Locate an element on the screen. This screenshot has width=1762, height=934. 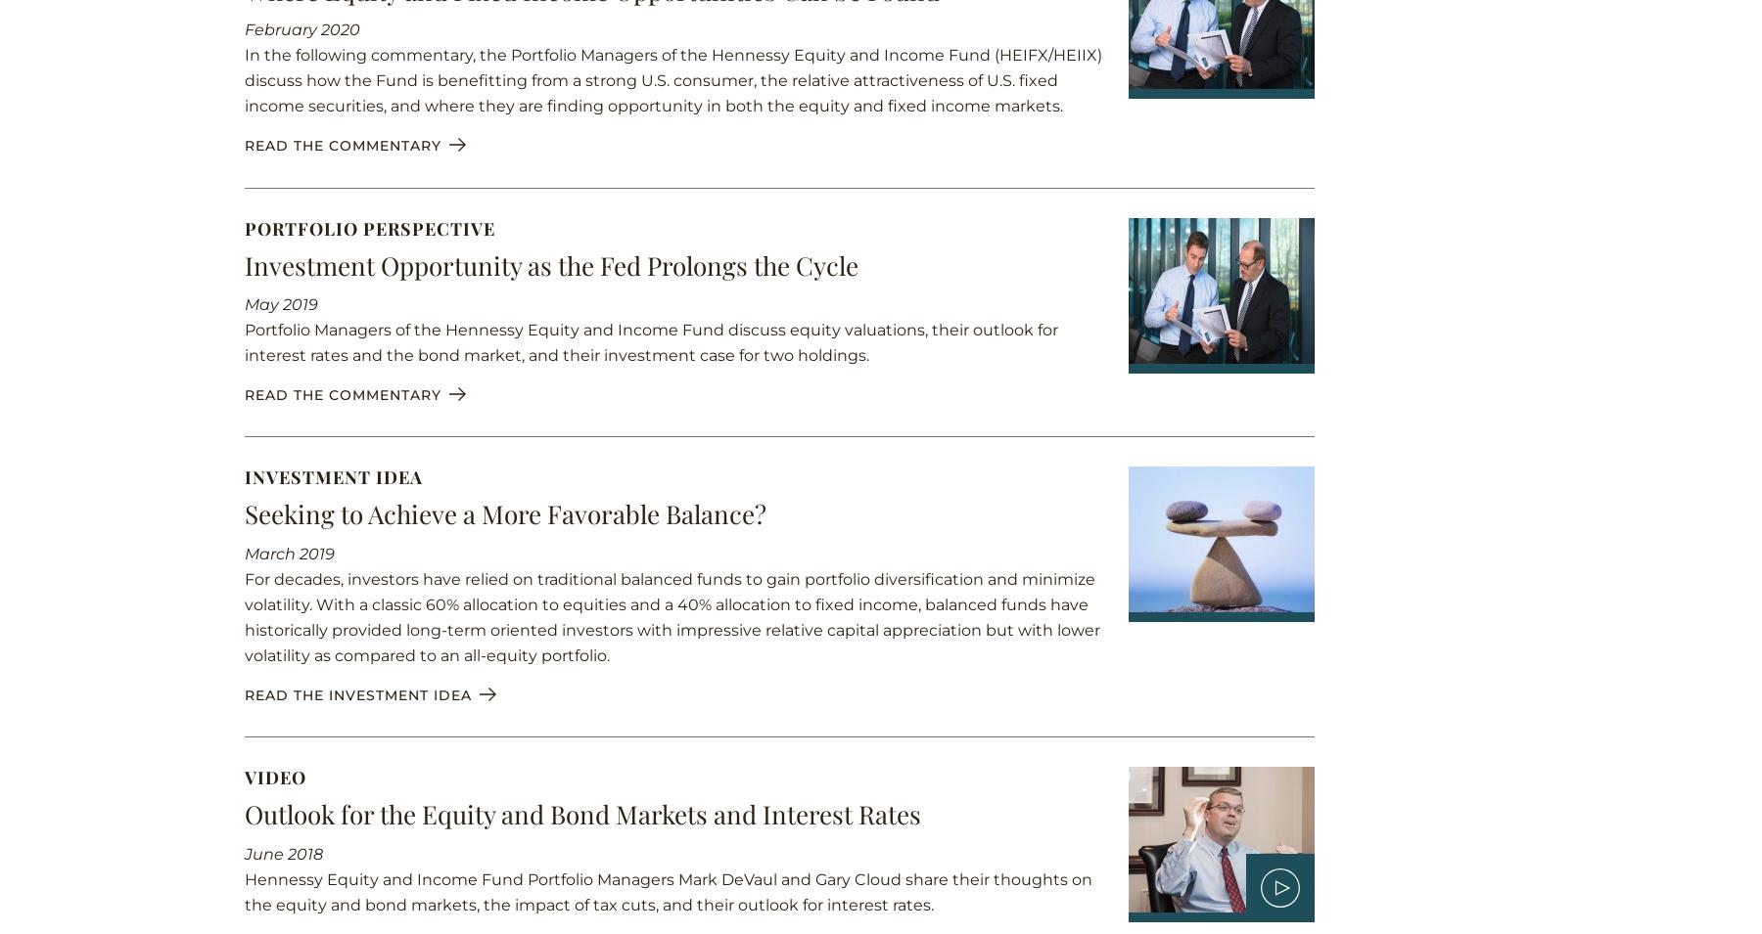
'In the following commentary, the Portfolio Managers of the Hennessy Equity and Income Fund (HEIFX/HEIIX) discuss how the Fund is benefitting from a strong U.S. consumer, the relative attractiveness of U.S. fixed income securities, and where they are finding opportunity in both the equity and fixed income markets.' is located at coordinates (672, 79).